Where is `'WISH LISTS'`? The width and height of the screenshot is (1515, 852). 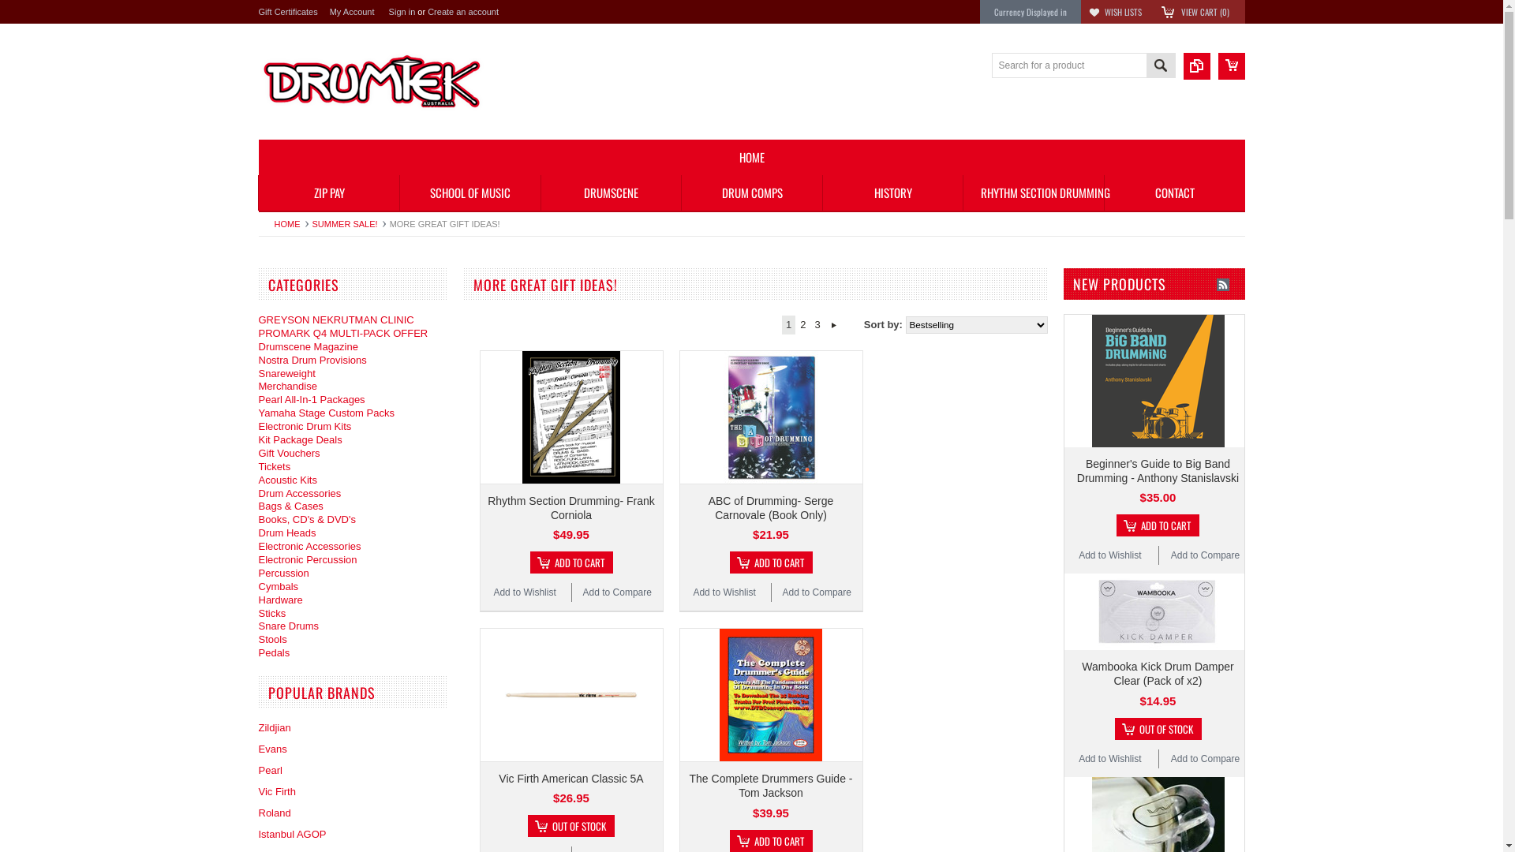
'WISH LISTS' is located at coordinates (1122, 12).